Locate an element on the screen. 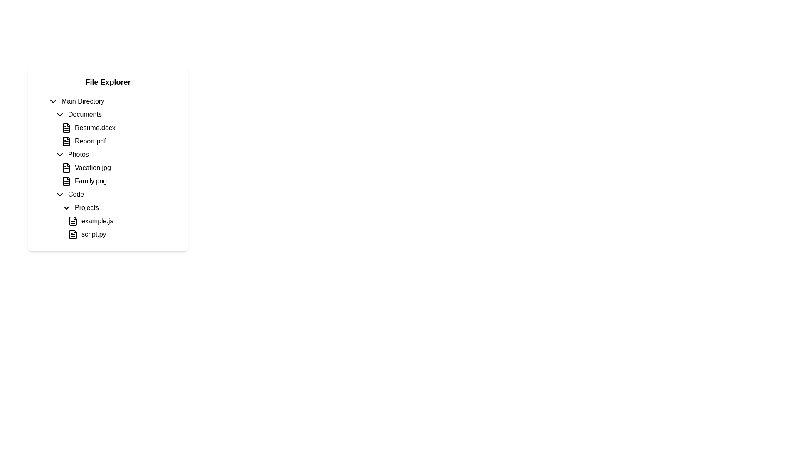 The image size is (798, 449). the document icon that is positioned to the left of the text 'Report.pdf' in the 'Documents' subsection of the 'Main Directory' in the File Explorer is located at coordinates (66, 141).